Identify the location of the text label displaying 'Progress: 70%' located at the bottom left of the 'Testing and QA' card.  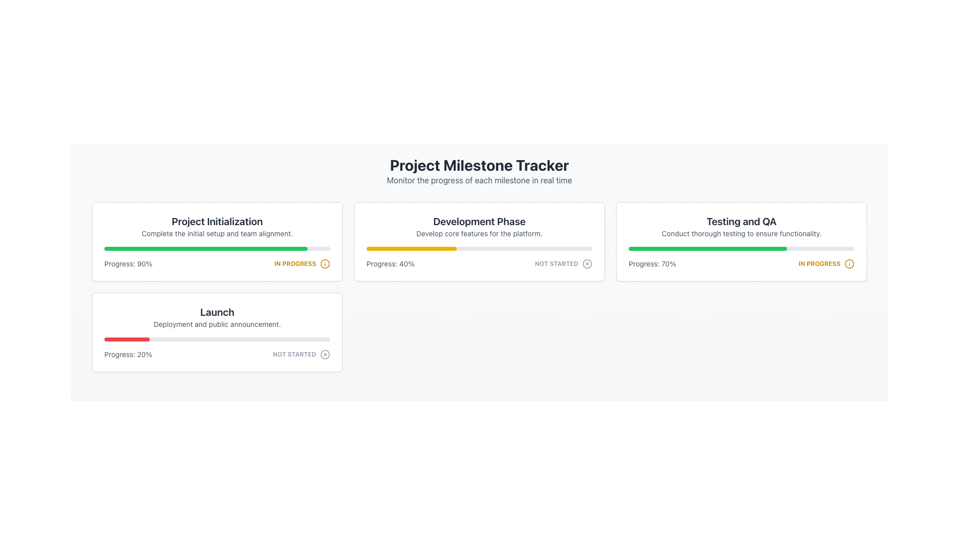
(652, 263).